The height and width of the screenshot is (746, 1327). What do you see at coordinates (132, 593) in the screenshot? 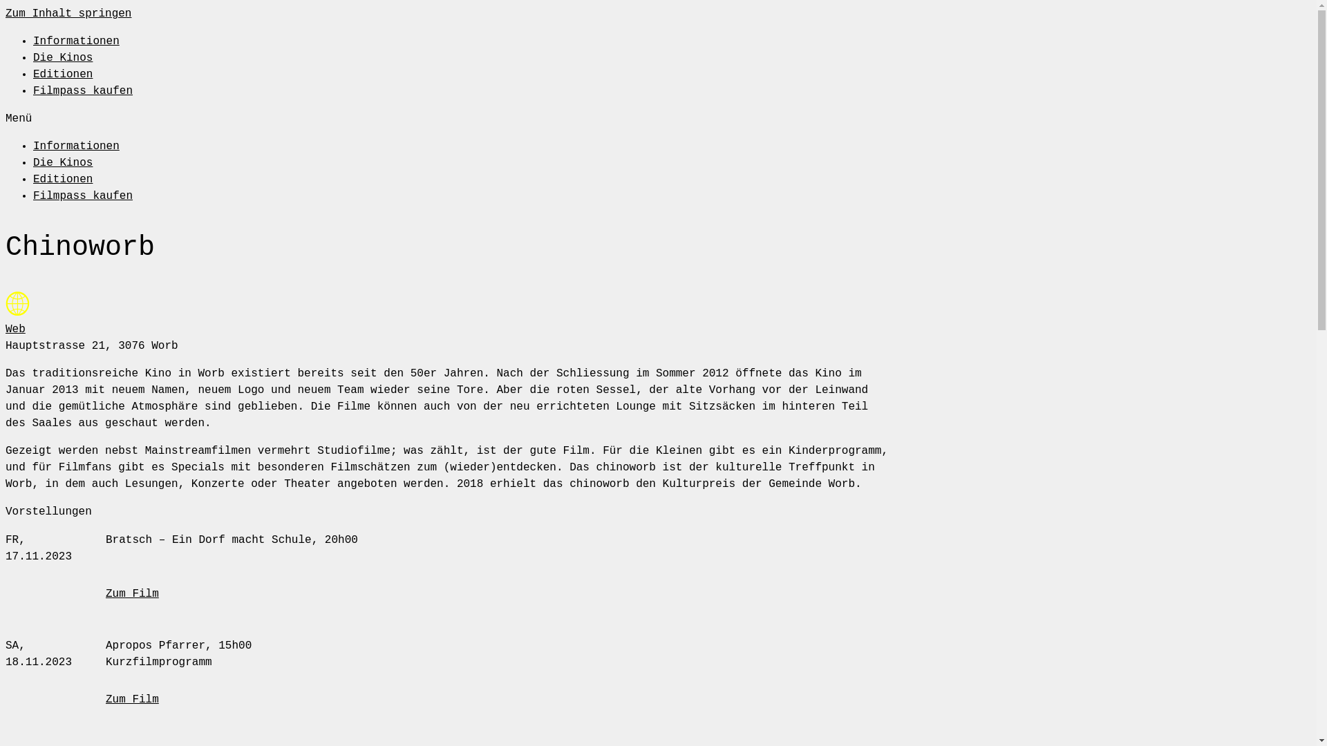
I see `'Zum Film'` at bounding box center [132, 593].